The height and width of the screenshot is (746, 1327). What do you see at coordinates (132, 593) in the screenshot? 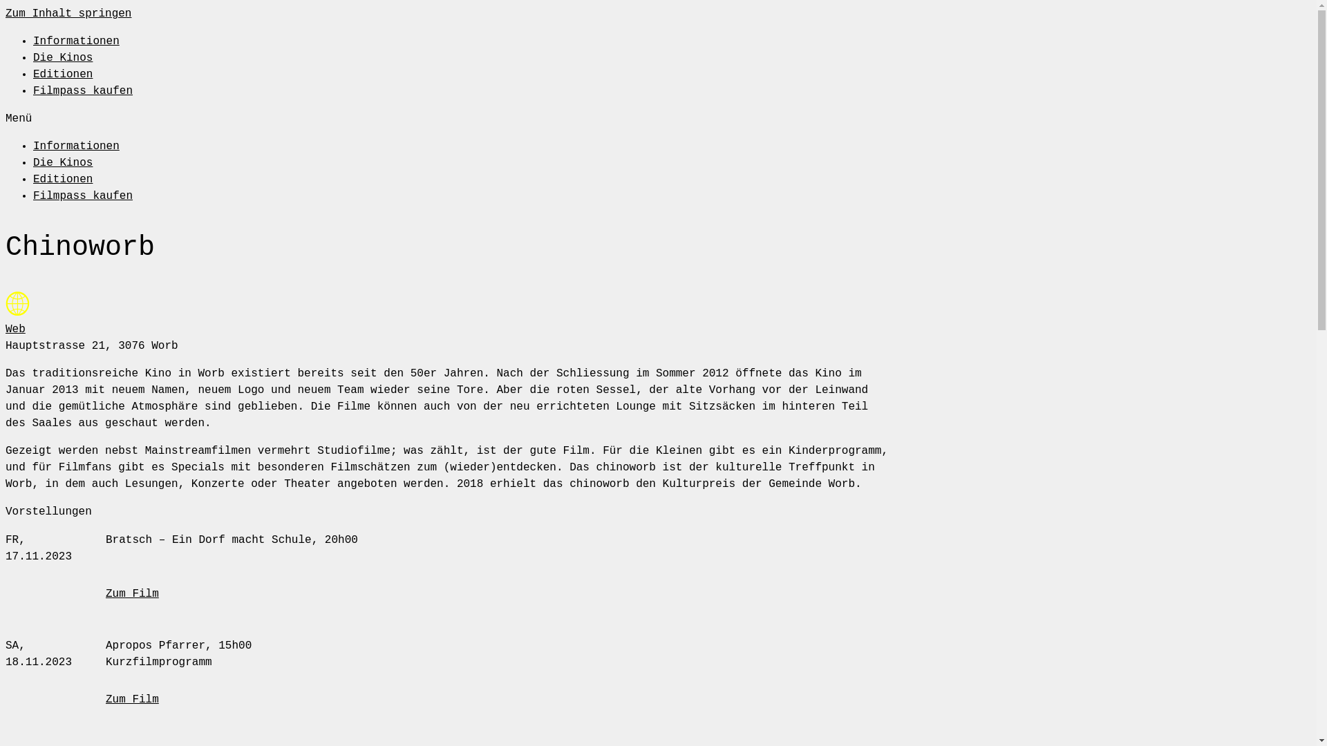
I see `'Zum Film'` at bounding box center [132, 593].